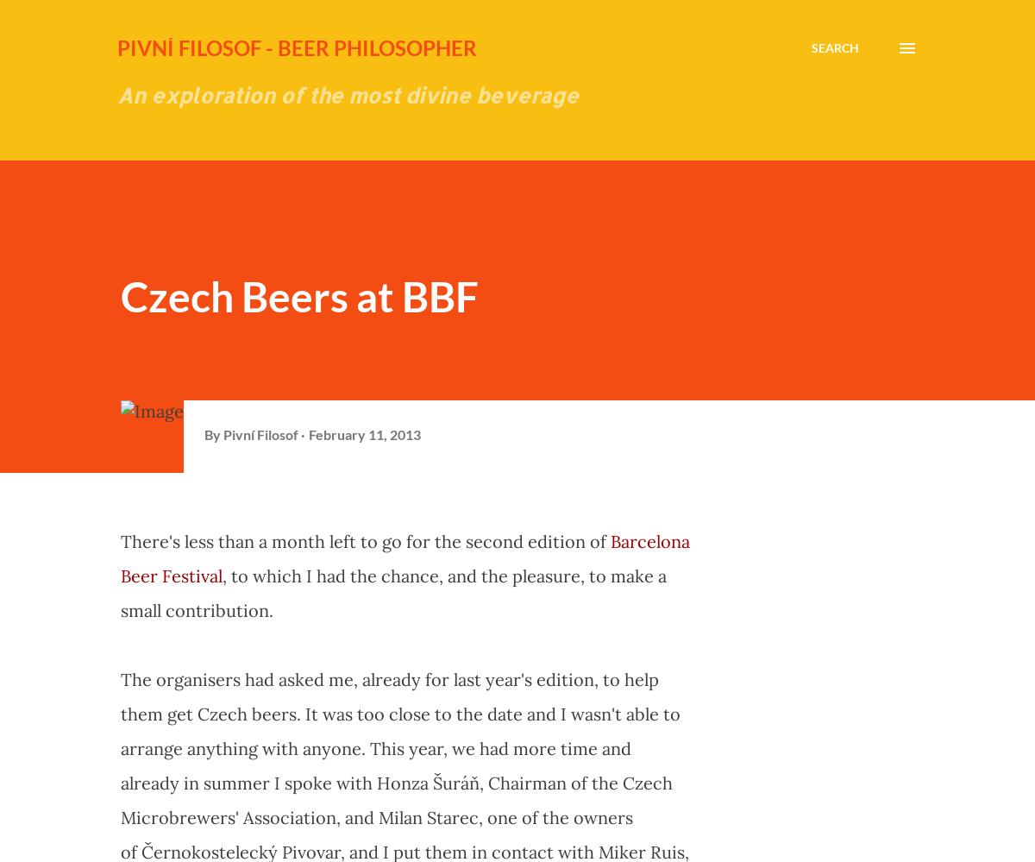 Image resolution: width=1035 pixels, height=862 pixels. I want to click on 'News', so click(784, 695).